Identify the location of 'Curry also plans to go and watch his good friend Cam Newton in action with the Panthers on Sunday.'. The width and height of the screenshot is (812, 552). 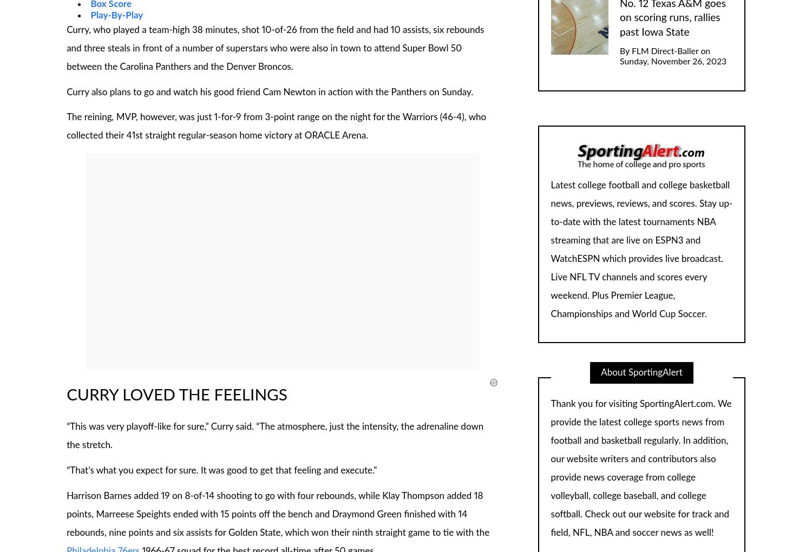
(269, 91).